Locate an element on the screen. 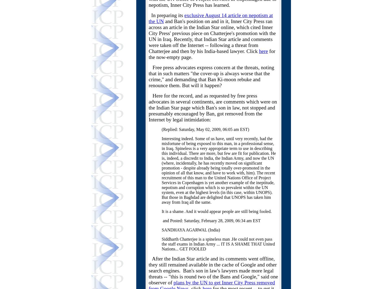 This screenshot has height=289, width=380. 'Posted:
Saturday, February 28, 2009, 06:34 am EST' is located at coordinates (215, 221).